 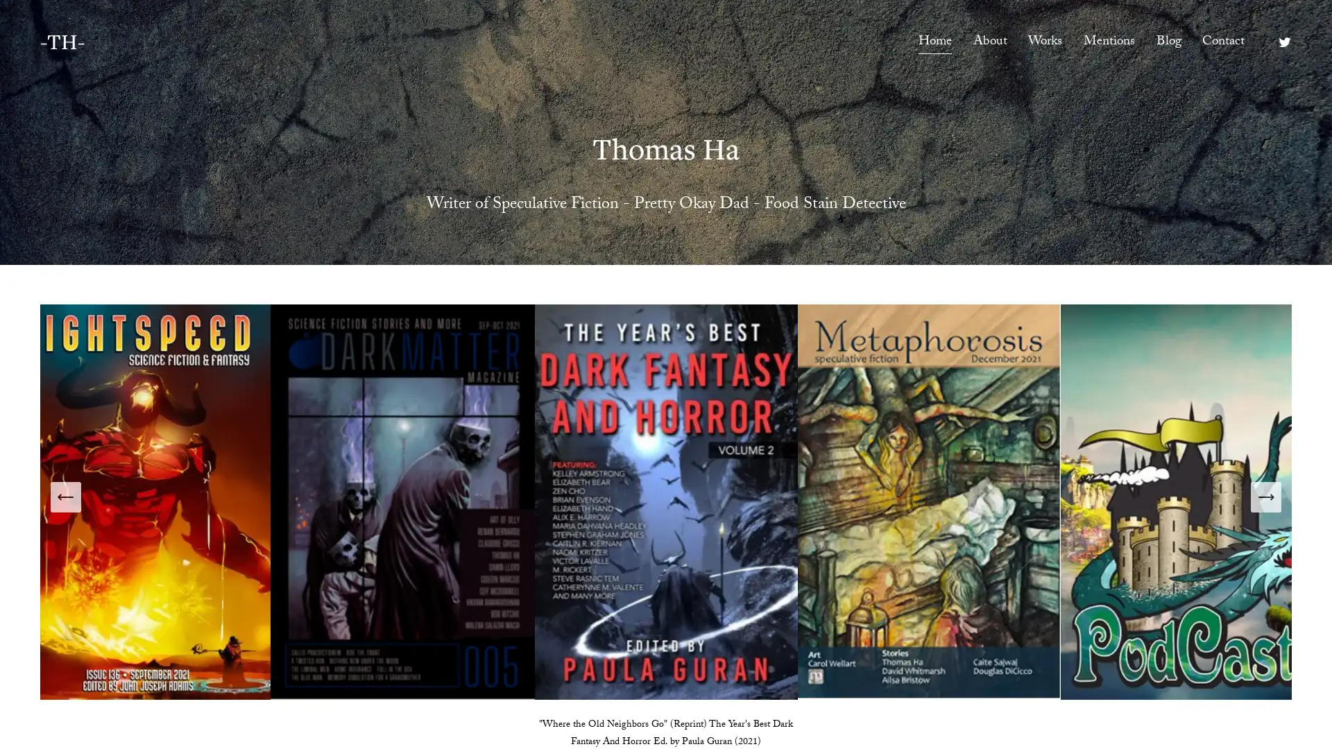 What do you see at coordinates (65, 496) in the screenshot?
I see `Previous Slide` at bounding box center [65, 496].